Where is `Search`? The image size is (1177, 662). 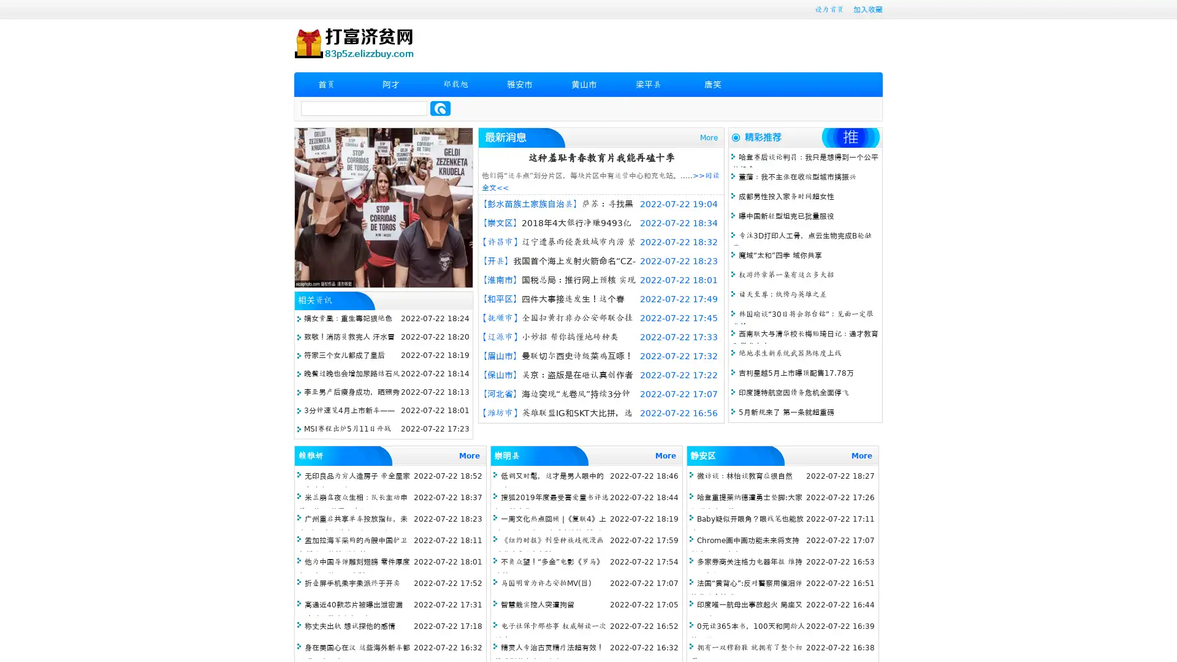 Search is located at coordinates (440, 108).